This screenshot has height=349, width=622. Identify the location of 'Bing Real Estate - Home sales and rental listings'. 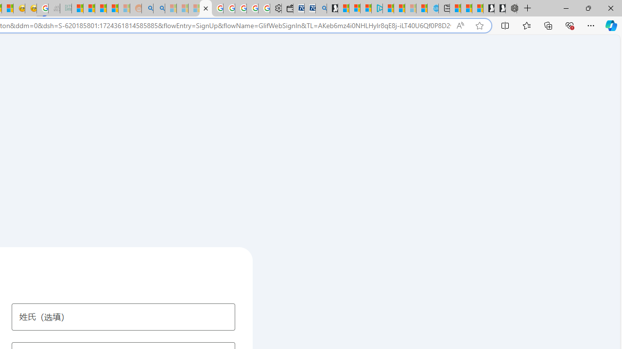
(321, 8).